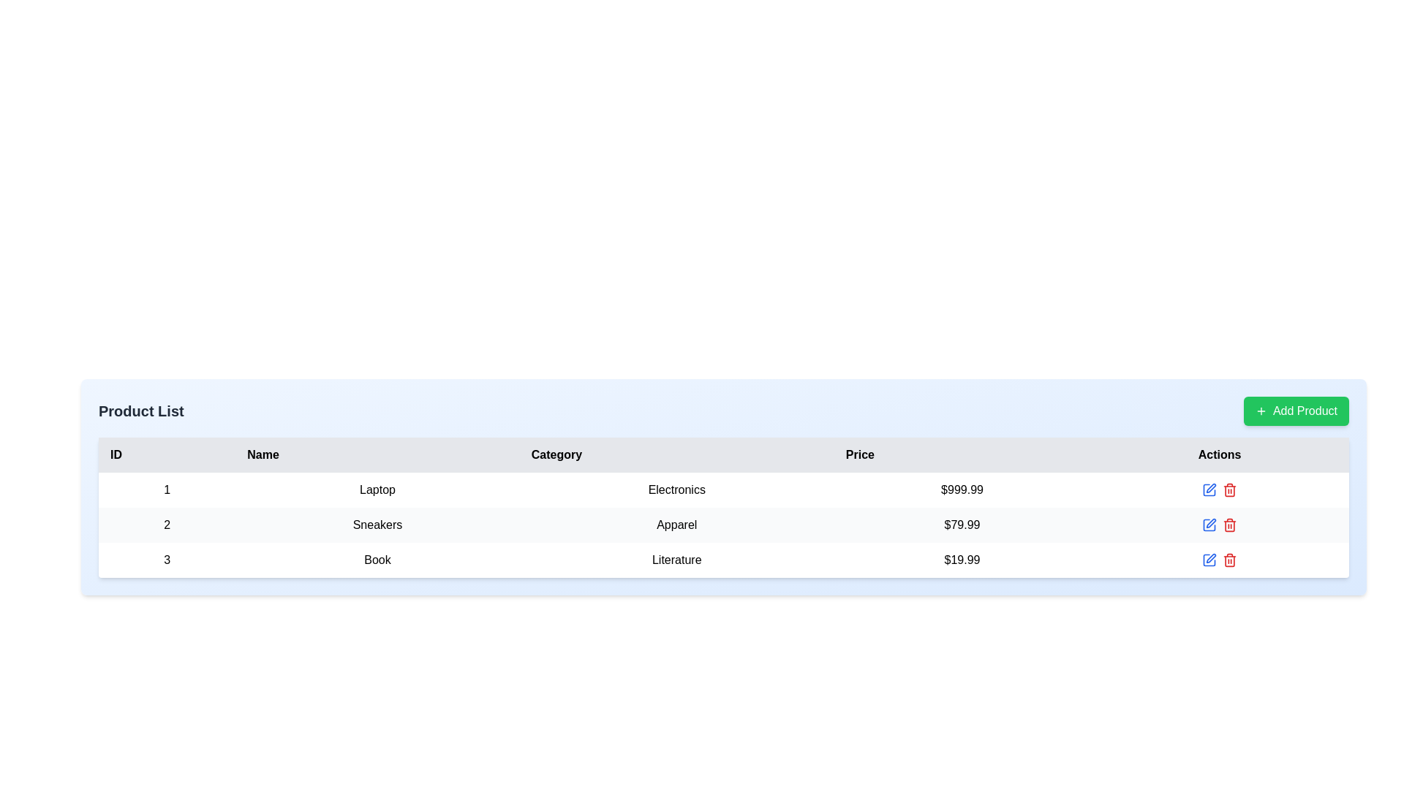 The height and width of the screenshot is (789, 1404). What do you see at coordinates (1209, 490) in the screenshot?
I see `the editing icon in the 'Actions' column of the table row corresponding to the product 'Book'` at bounding box center [1209, 490].